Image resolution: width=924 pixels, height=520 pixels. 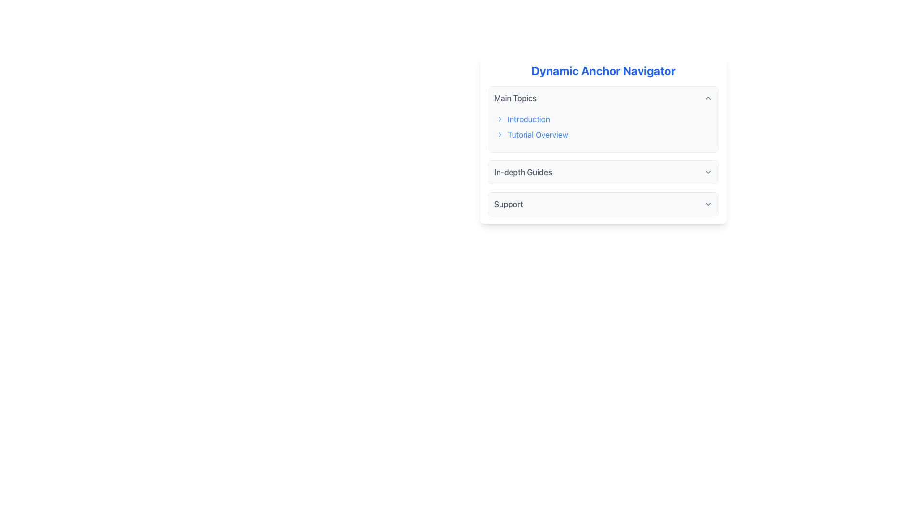 What do you see at coordinates (603, 204) in the screenshot?
I see `the 'Support' button located at the bottom of the 'In-depth Guides' section in the 'Dynamic Anchor Navigator' sidebar` at bounding box center [603, 204].